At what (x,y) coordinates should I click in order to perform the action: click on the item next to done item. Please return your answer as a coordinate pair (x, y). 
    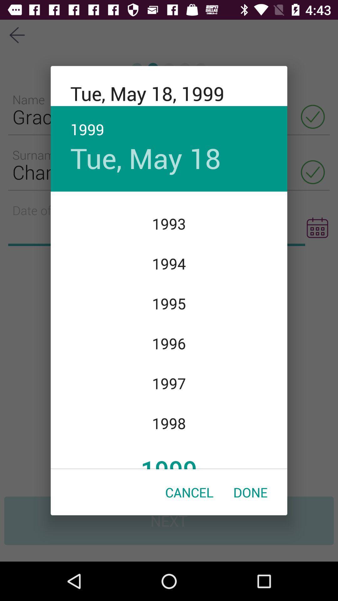
    Looking at the image, I should click on (189, 492).